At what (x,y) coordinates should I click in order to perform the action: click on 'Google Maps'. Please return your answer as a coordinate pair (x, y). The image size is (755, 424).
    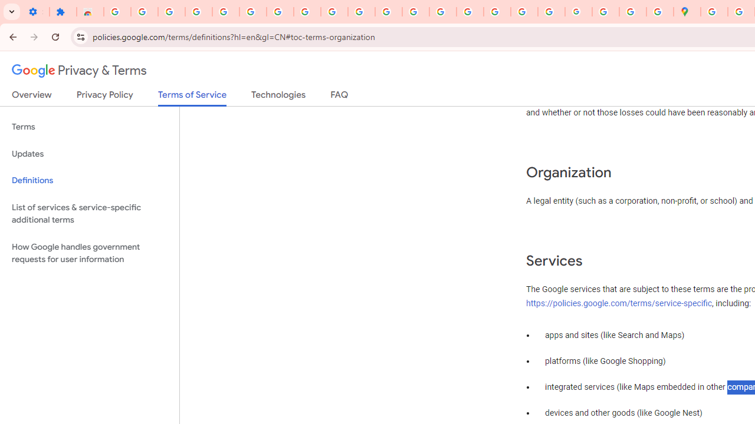
    Looking at the image, I should click on (687, 12).